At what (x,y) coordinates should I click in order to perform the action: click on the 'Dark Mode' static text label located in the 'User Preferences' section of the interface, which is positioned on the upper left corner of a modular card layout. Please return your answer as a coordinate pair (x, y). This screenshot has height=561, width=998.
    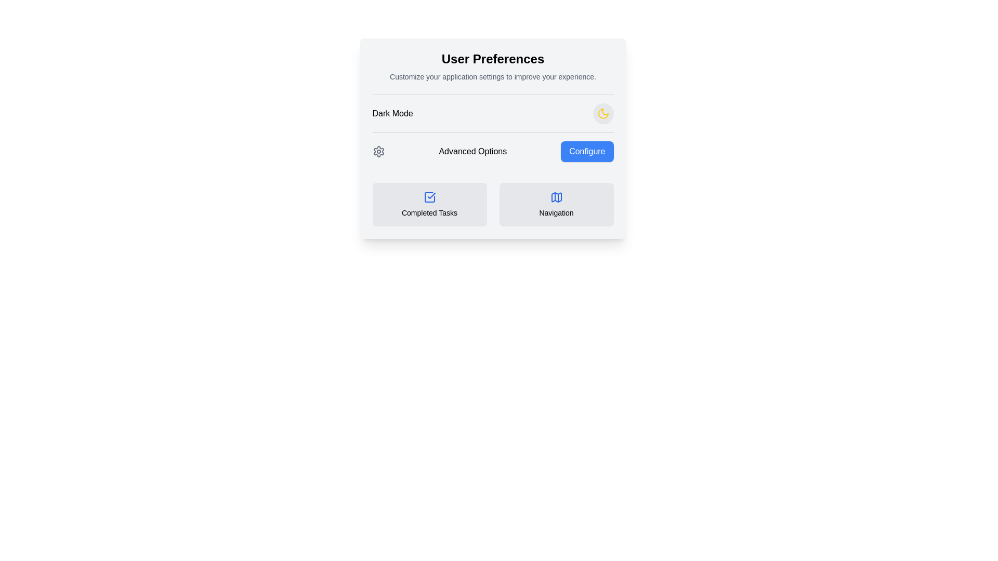
    Looking at the image, I should click on (392, 114).